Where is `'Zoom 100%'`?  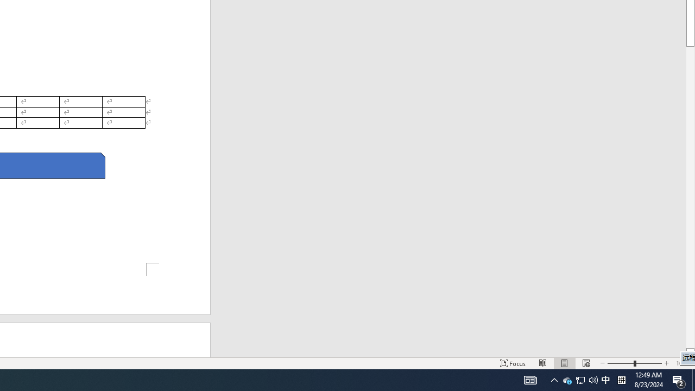
'Zoom 100%' is located at coordinates (683, 363).